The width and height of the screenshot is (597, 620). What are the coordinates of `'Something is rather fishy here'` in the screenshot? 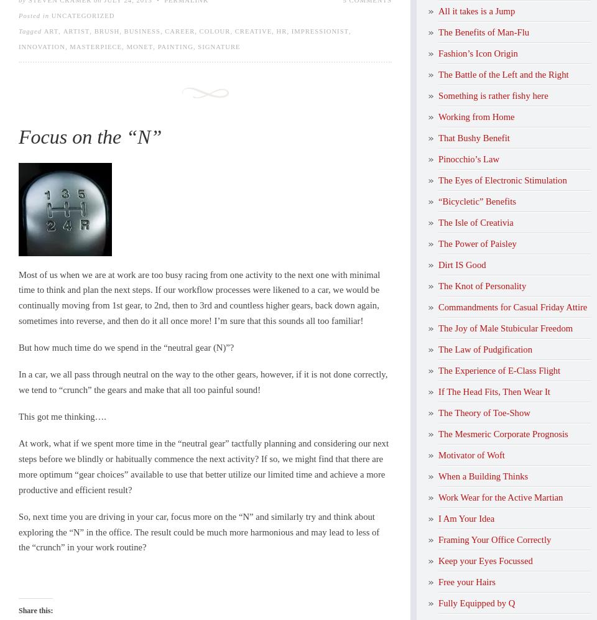 It's located at (493, 95).